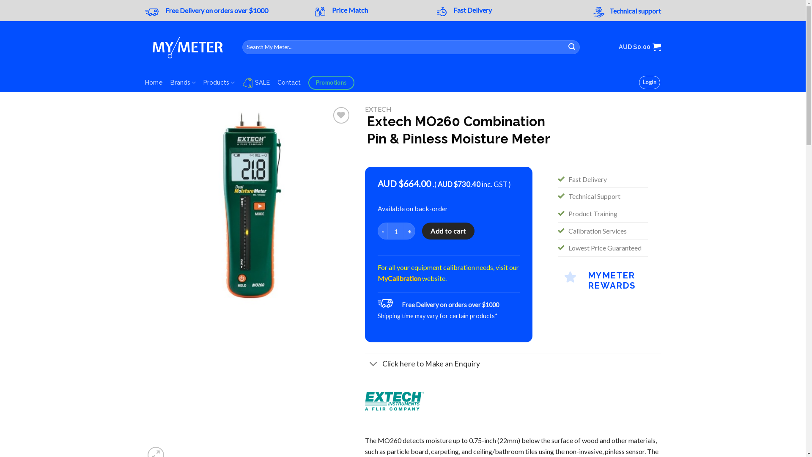 The height and width of the screenshot is (457, 812). Describe the element at coordinates (564, 47) in the screenshot. I see `'Search'` at that location.